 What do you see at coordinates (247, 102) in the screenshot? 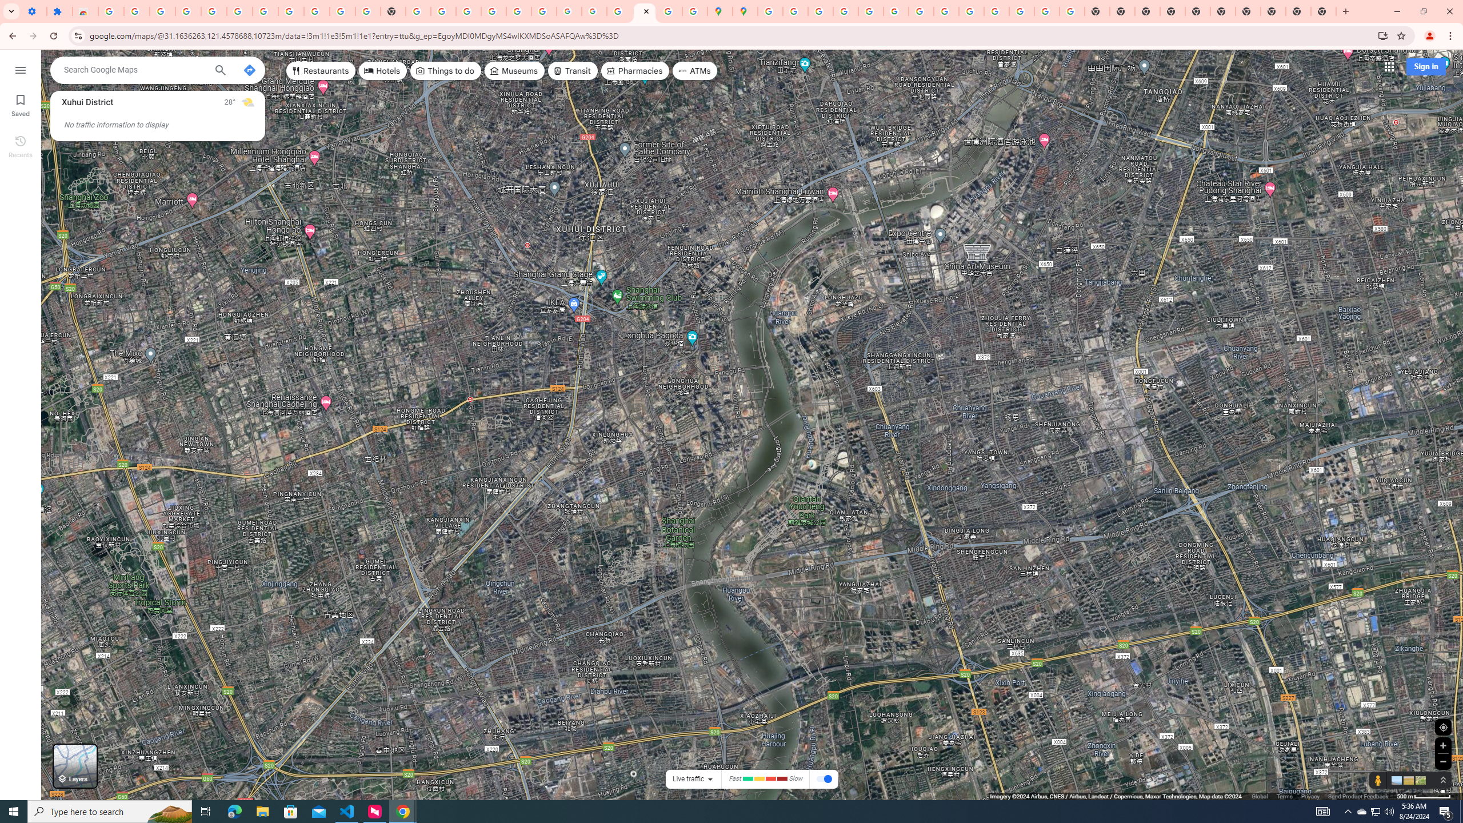
I see `'Partly cloudy'` at bounding box center [247, 102].